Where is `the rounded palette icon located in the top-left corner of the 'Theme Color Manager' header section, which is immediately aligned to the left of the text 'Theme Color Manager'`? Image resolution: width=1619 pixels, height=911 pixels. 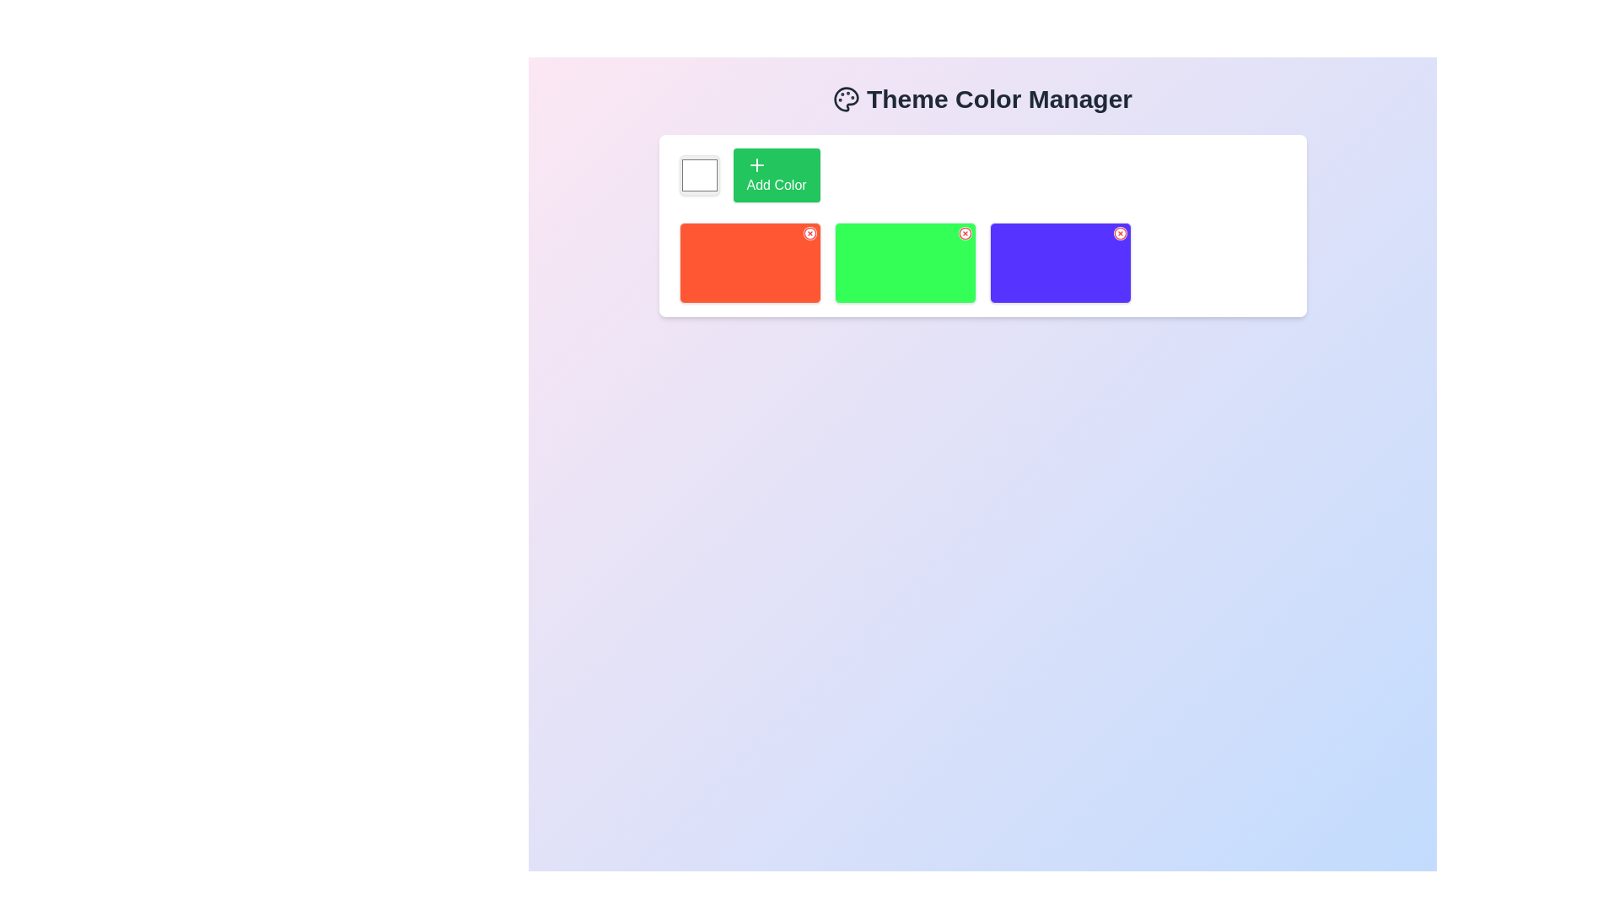 the rounded palette icon located in the top-left corner of the 'Theme Color Manager' header section, which is immediately aligned to the left of the text 'Theme Color Manager' is located at coordinates (846, 100).